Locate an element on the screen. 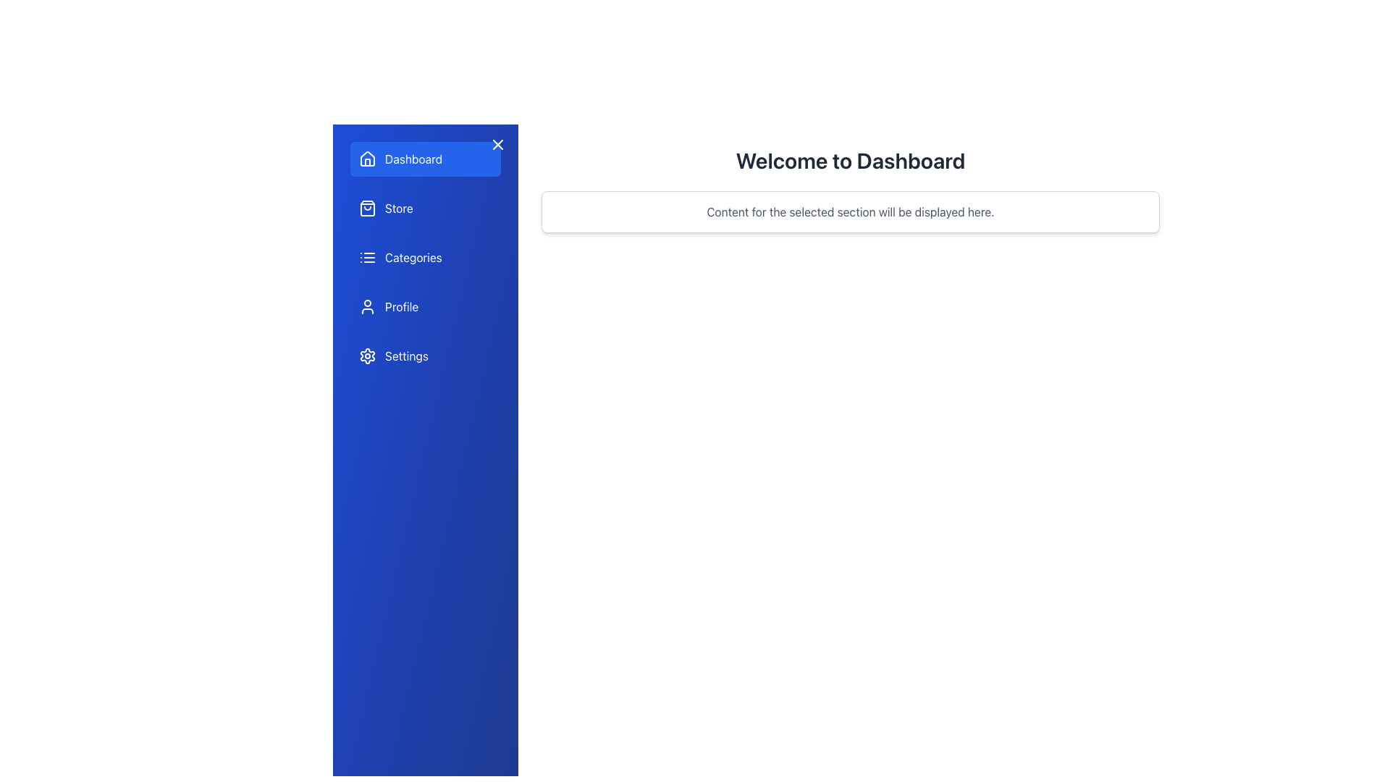 The image size is (1390, 782). the 'Categories' icon located in the navigation menu is located at coordinates (368, 256).